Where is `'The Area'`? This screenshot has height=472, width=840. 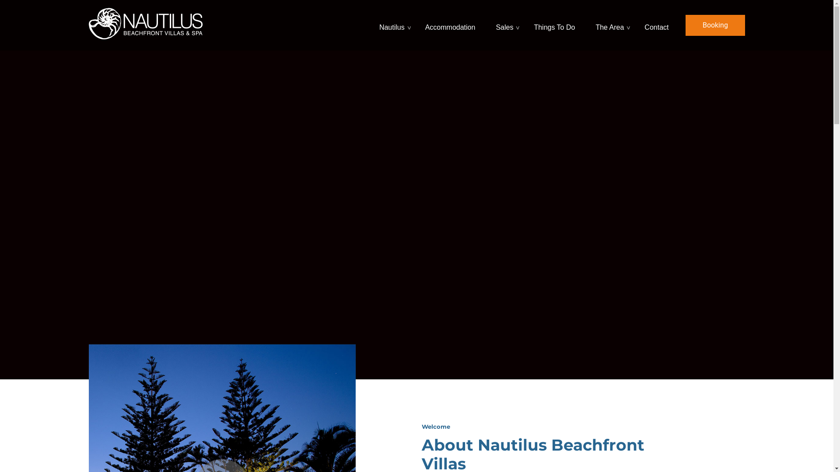 'The Area' is located at coordinates (610, 24).